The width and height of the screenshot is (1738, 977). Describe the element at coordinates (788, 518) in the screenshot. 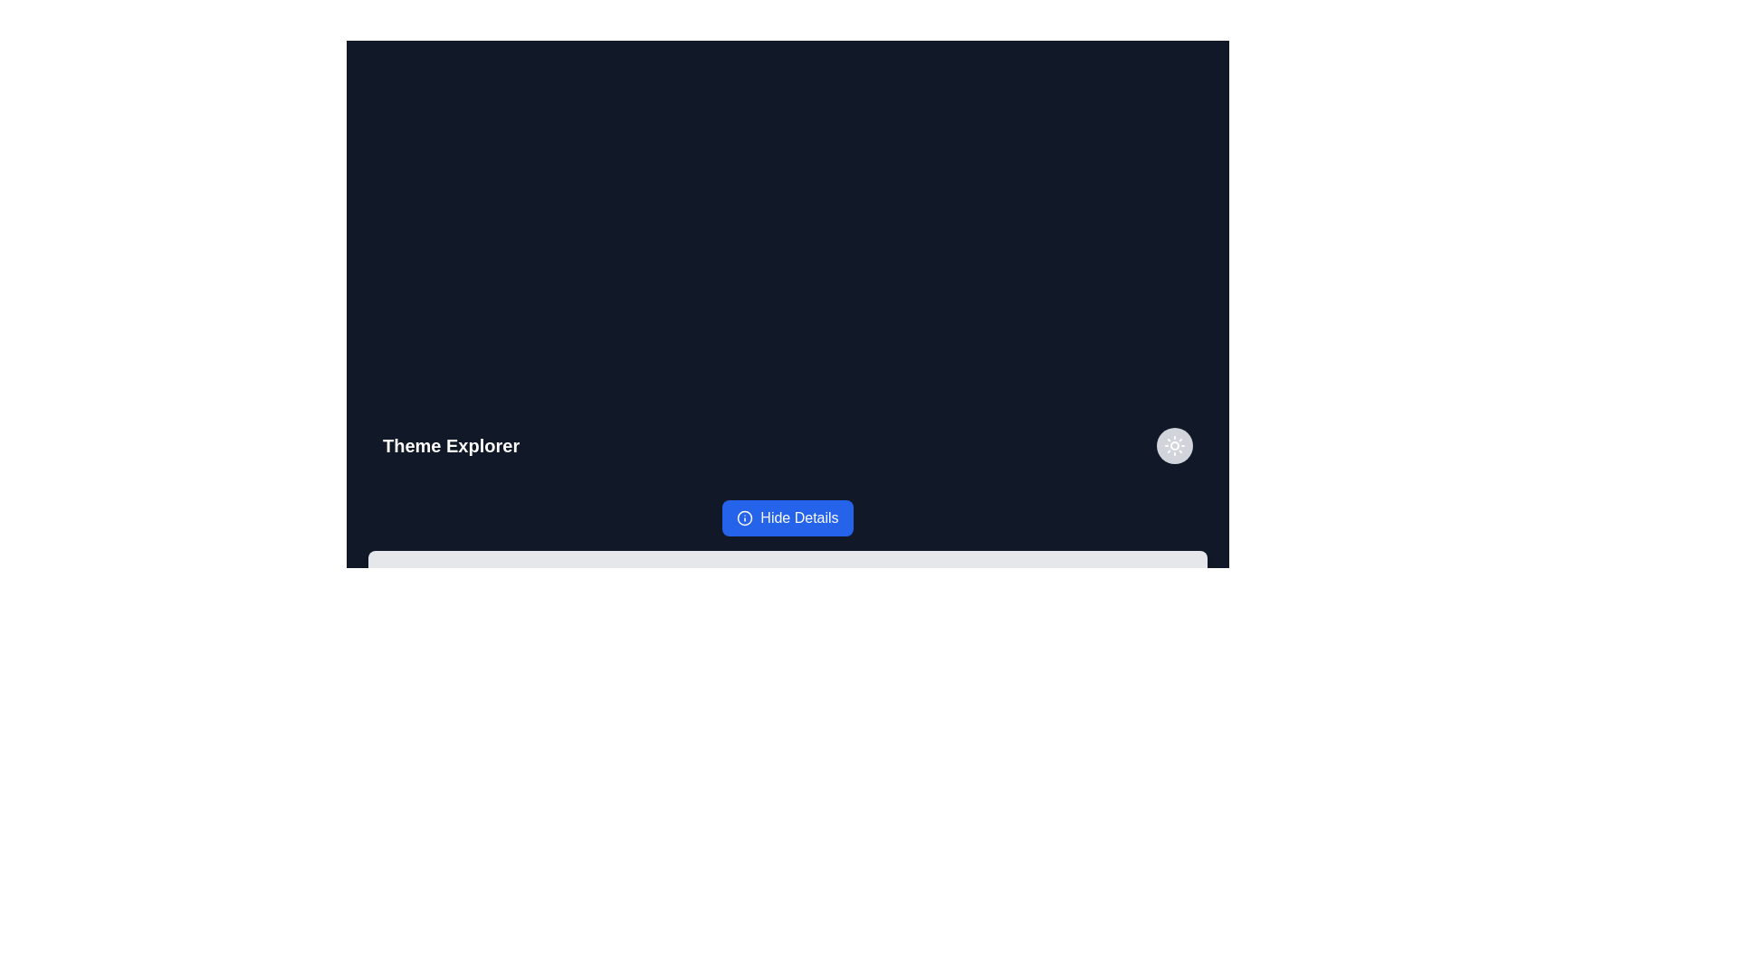

I see `the blue 'Hide Details' button with rounded corners and an information icon to change its appearance` at that location.